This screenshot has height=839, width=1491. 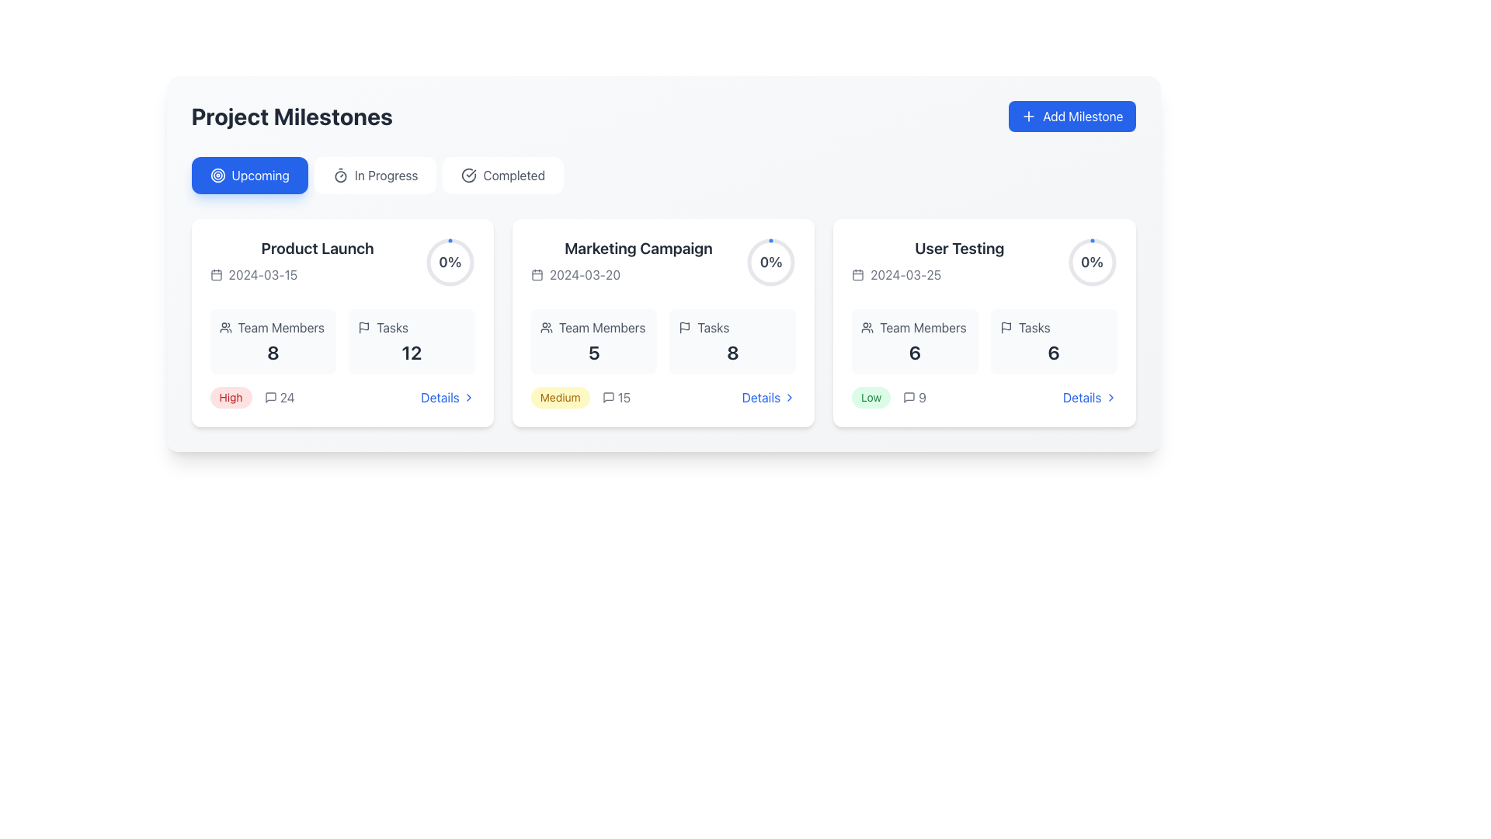 What do you see at coordinates (375, 175) in the screenshot?
I see `the second button in the 'Project Milestones' section that filters items currently in progress` at bounding box center [375, 175].